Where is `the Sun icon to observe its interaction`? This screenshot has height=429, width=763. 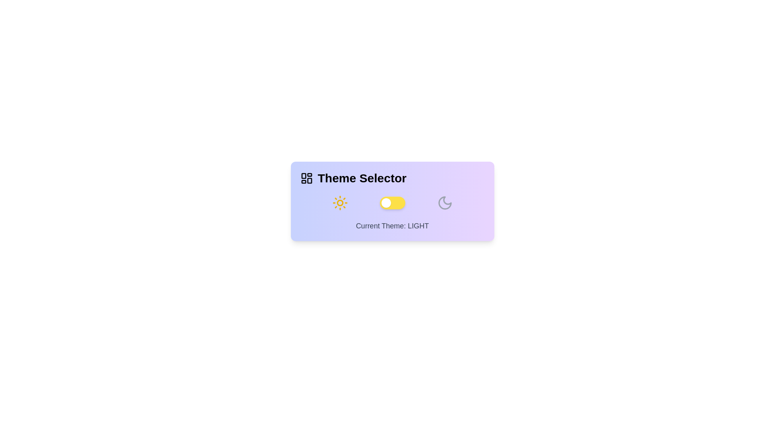 the Sun icon to observe its interaction is located at coordinates (340, 202).